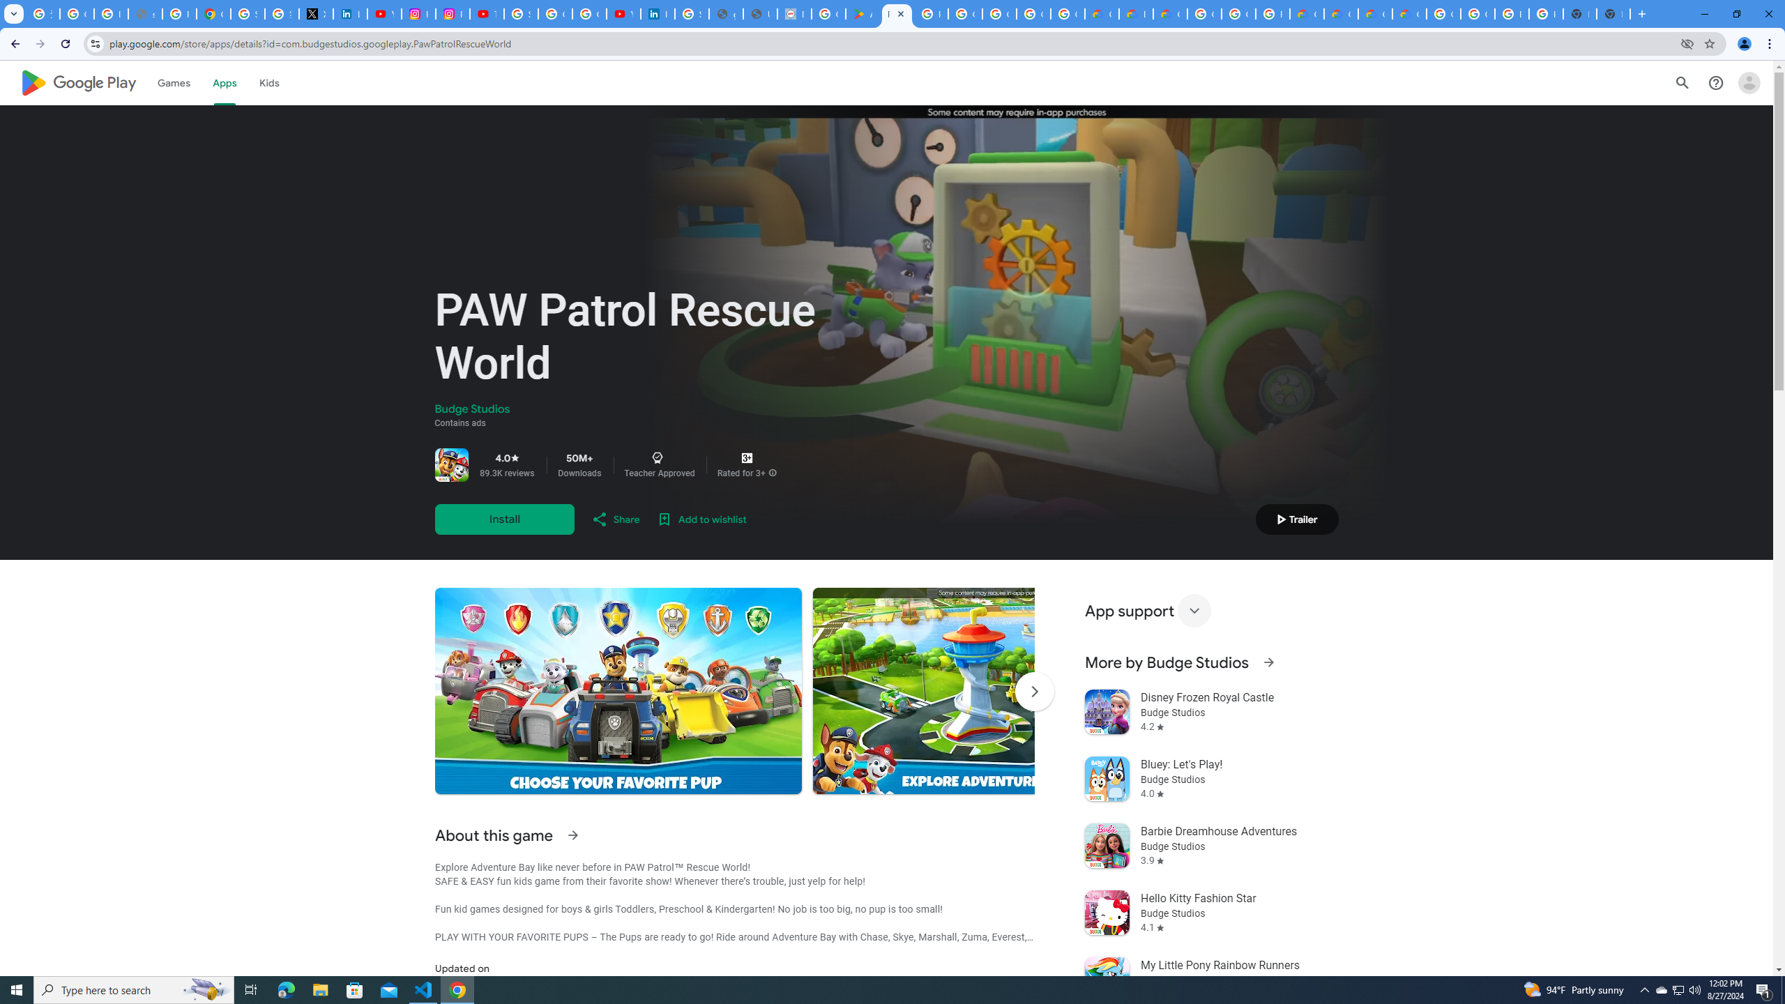 Image resolution: width=1785 pixels, height=1004 pixels. Describe the element at coordinates (1613, 13) in the screenshot. I see `'New Tab'` at that location.